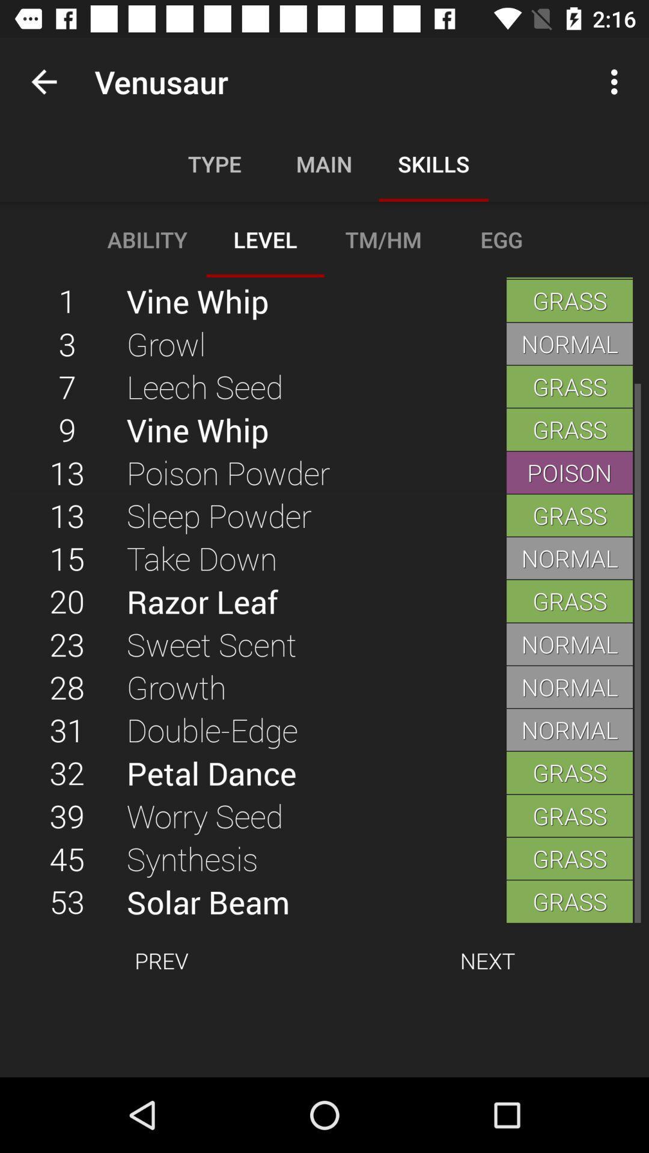  What do you see at coordinates (315, 901) in the screenshot?
I see `the item next to the 45 icon` at bounding box center [315, 901].